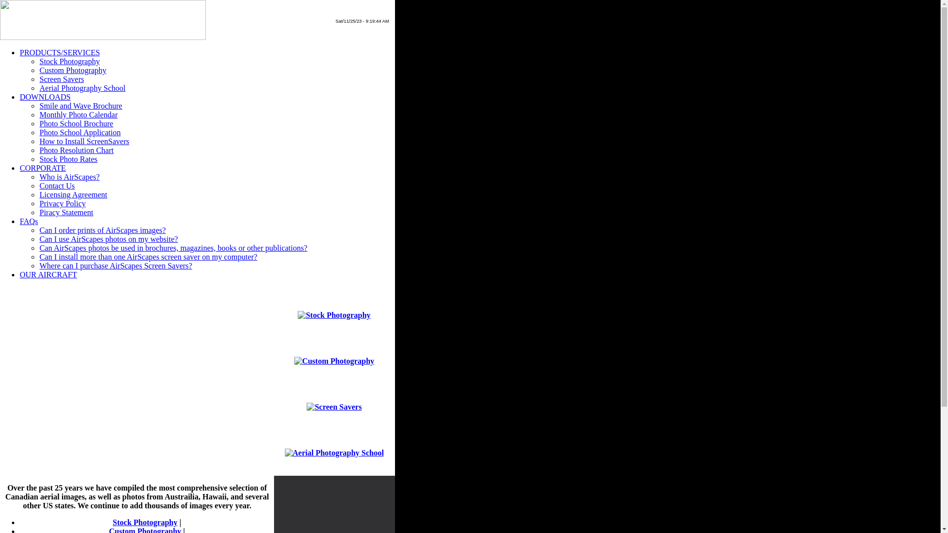  What do you see at coordinates (102, 230) in the screenshot?
I see `'Can I order prints of AirScapes images?'` at bounding box center [102, 230].